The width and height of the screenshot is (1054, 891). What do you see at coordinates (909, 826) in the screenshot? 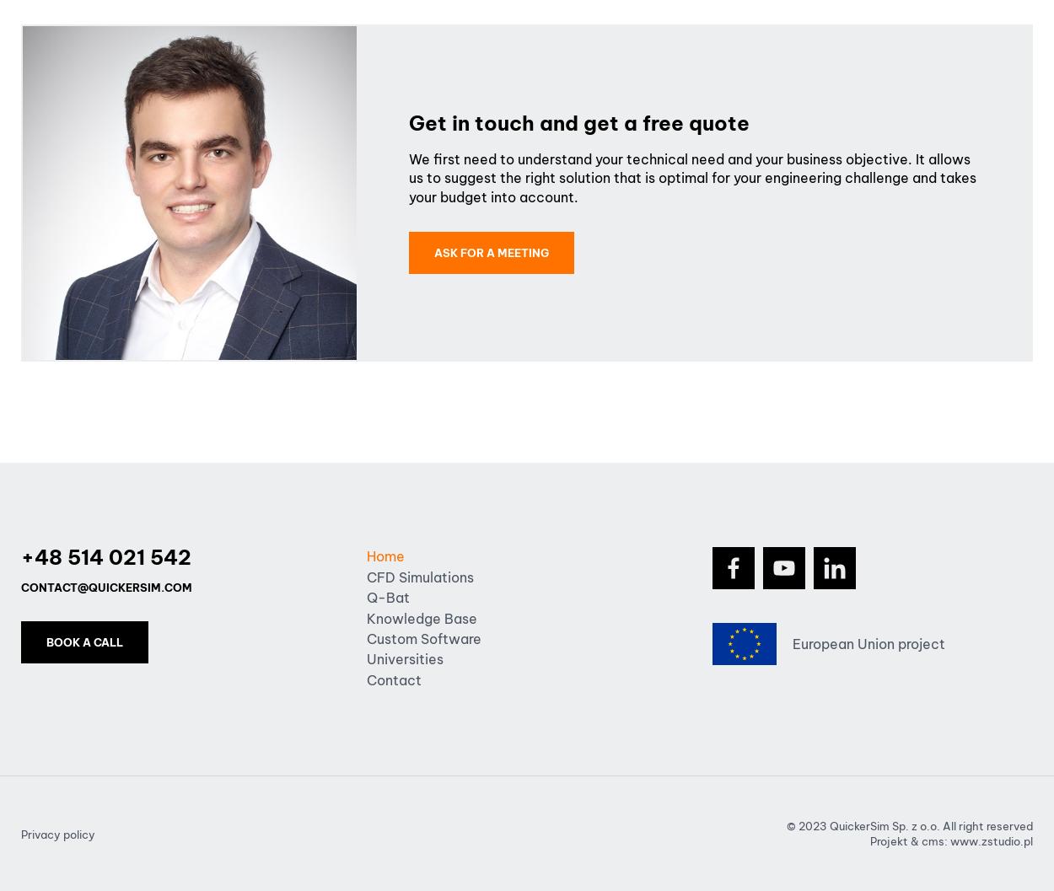
I see `'© 2023 QuickerSim Sp. z o.o. All right reserved'` at bounding box center [909, 826].